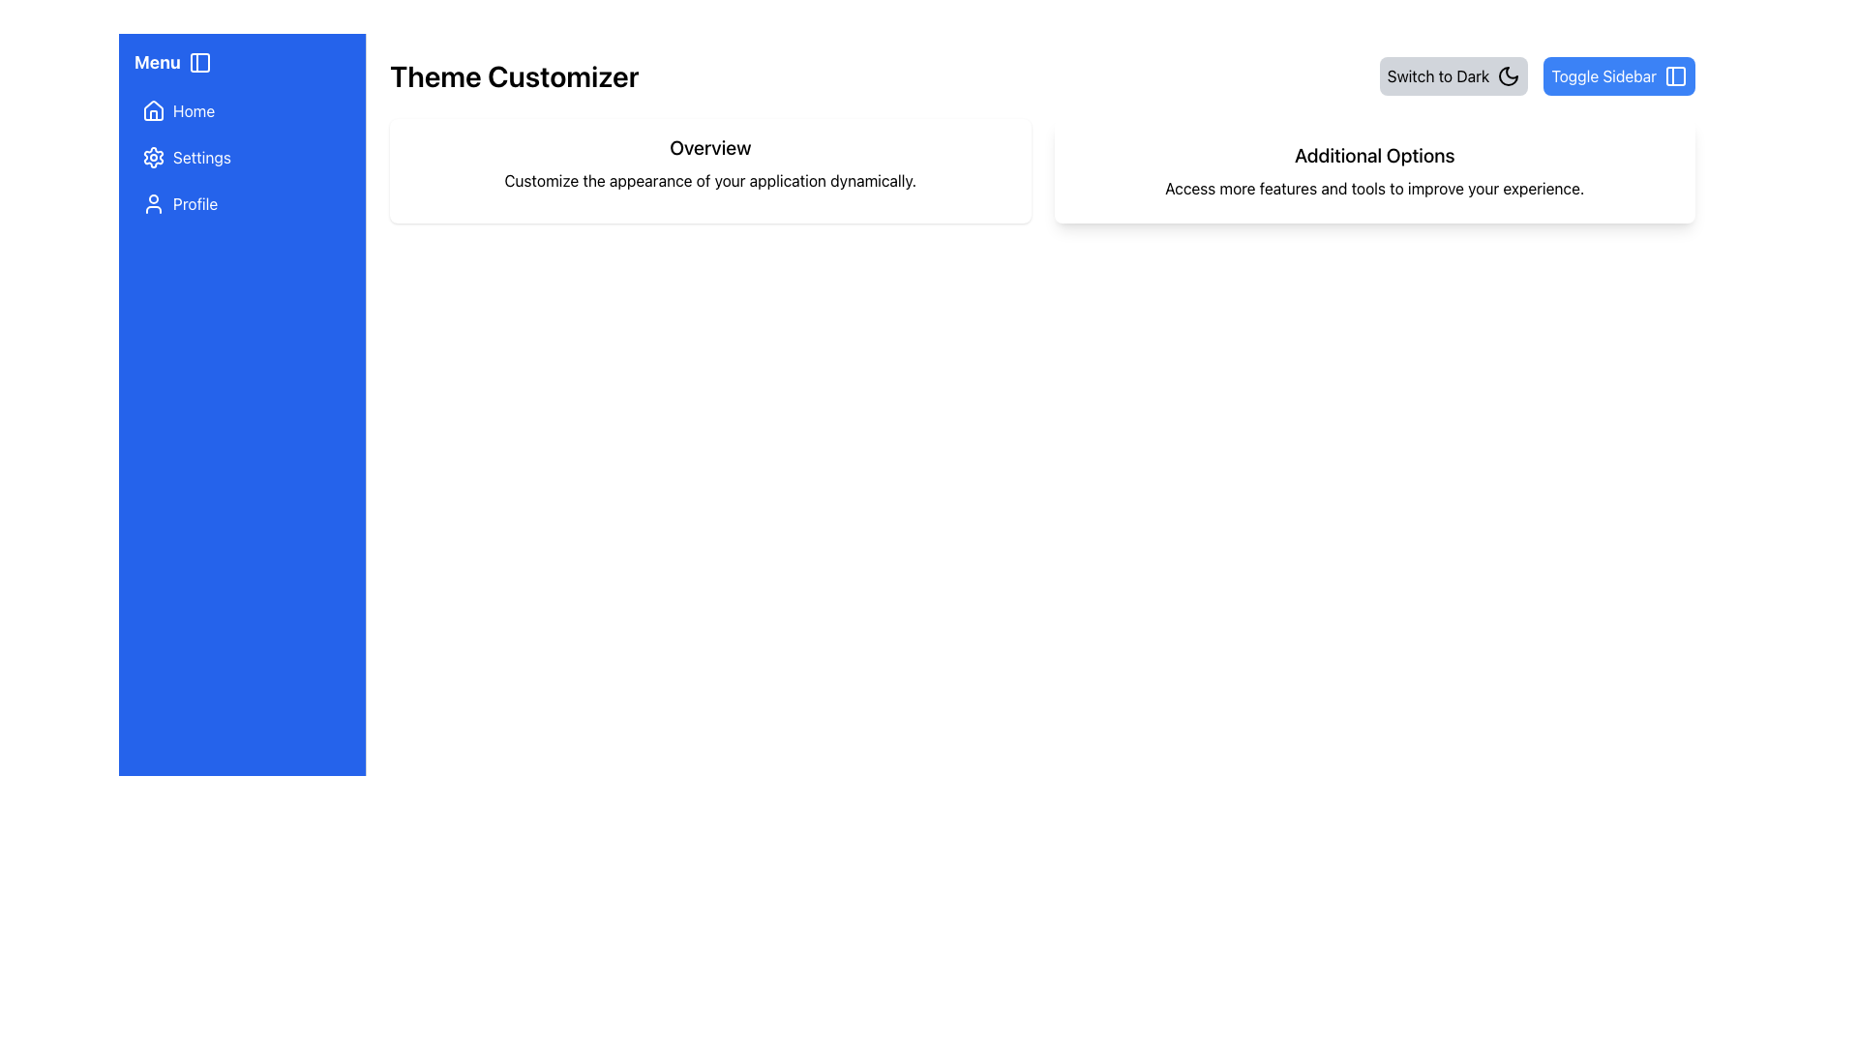 The image size is (1858, 1045). What do you see at coordinates (241, 156) in the screenshot?
I see `the settings button located in the vertical navigation menu, which is the second item below the 'Home' button and above the 'Profile' button` at bounding box center [241, 156].